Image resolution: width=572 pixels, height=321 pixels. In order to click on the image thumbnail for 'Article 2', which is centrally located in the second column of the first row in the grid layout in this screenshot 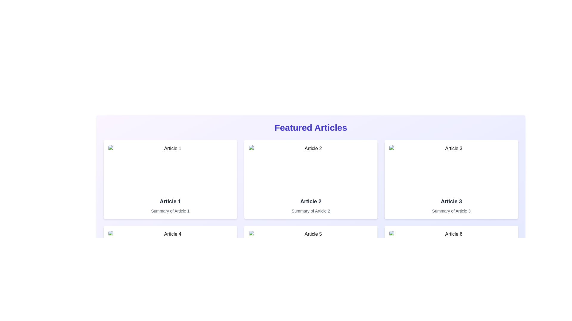, I will do `click(310, 169)`.